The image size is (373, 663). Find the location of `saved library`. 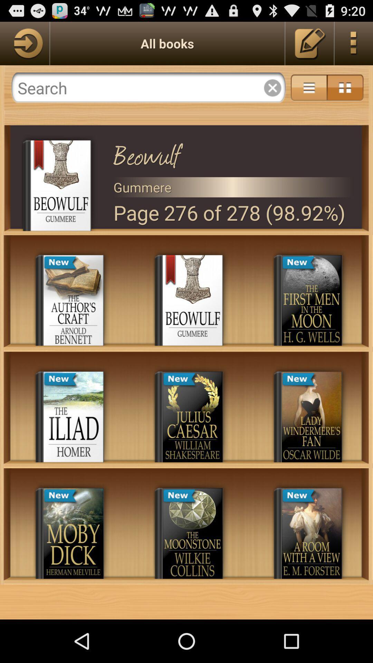

saved library is located at coordinates (309, 43).